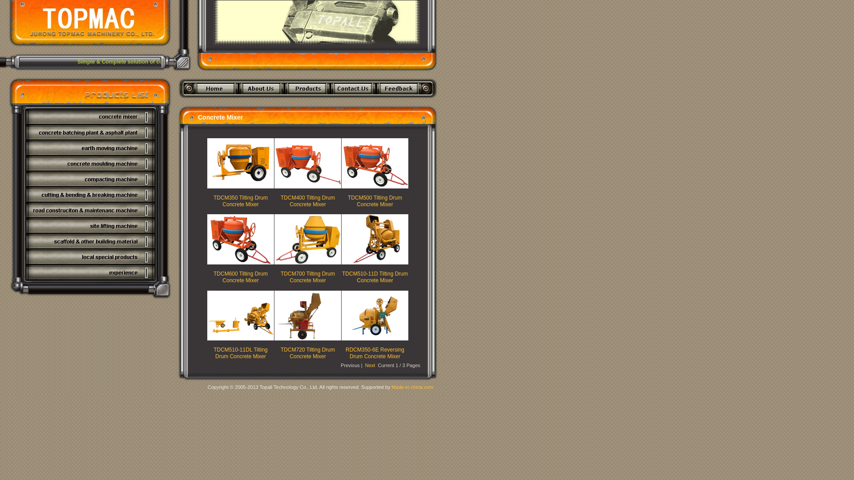  I want to click on 'ralph lauren polo shirt', so click(634, 102).